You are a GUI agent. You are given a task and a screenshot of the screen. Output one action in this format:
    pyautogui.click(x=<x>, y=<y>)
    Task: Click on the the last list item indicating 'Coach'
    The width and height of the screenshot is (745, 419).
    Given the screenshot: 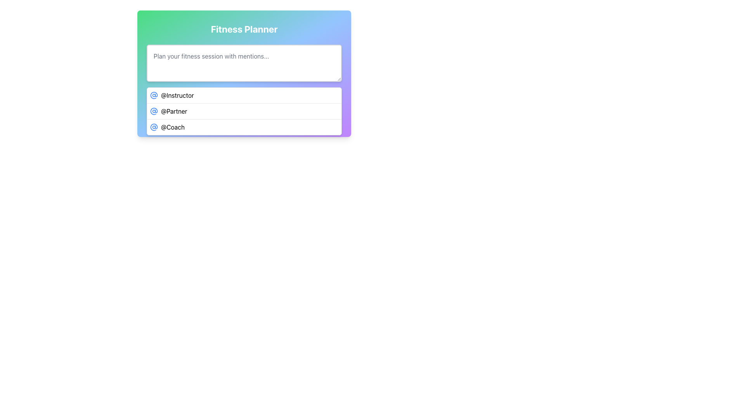 What is the action you would take?
    pyautogui.click(x=244, y=126)
    